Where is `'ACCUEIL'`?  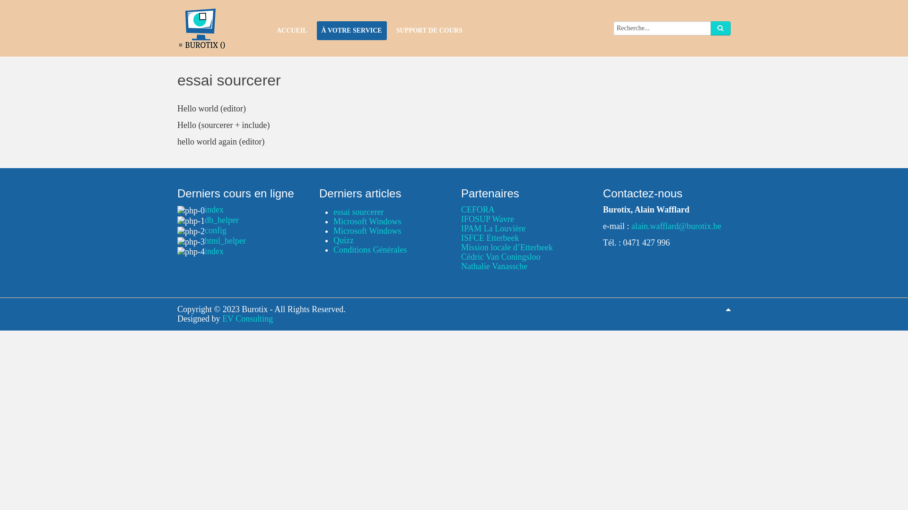
'ACCUEIL' is located at coordinates (291, 30).